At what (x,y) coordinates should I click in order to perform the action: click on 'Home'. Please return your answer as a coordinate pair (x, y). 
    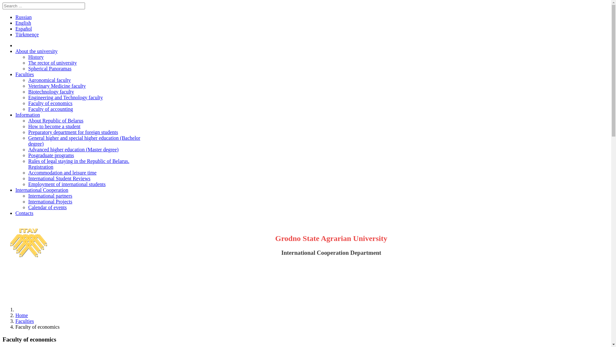
    Looking at the image, I should click on (21, 315).